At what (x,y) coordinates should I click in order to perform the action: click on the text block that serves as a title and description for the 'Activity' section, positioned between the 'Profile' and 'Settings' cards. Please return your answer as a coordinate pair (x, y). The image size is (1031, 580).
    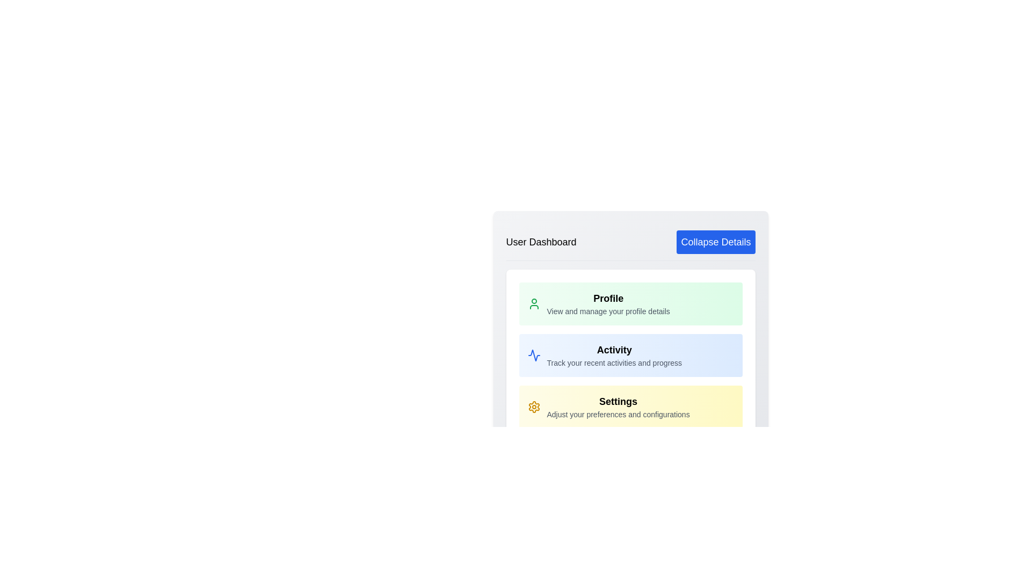
    Looking at the image, I should click on (614, 356).